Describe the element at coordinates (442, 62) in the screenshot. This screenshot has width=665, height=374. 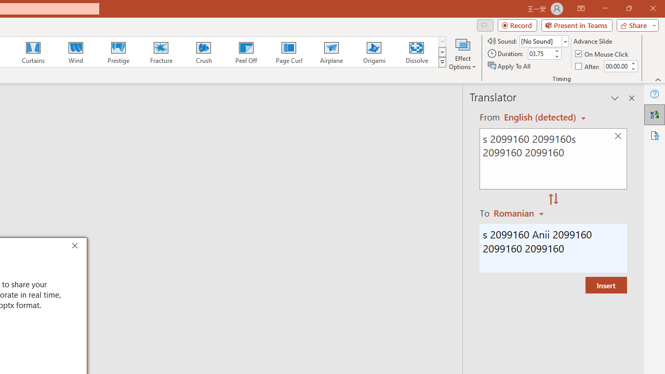
I see `'Transition Effects'` at that location.